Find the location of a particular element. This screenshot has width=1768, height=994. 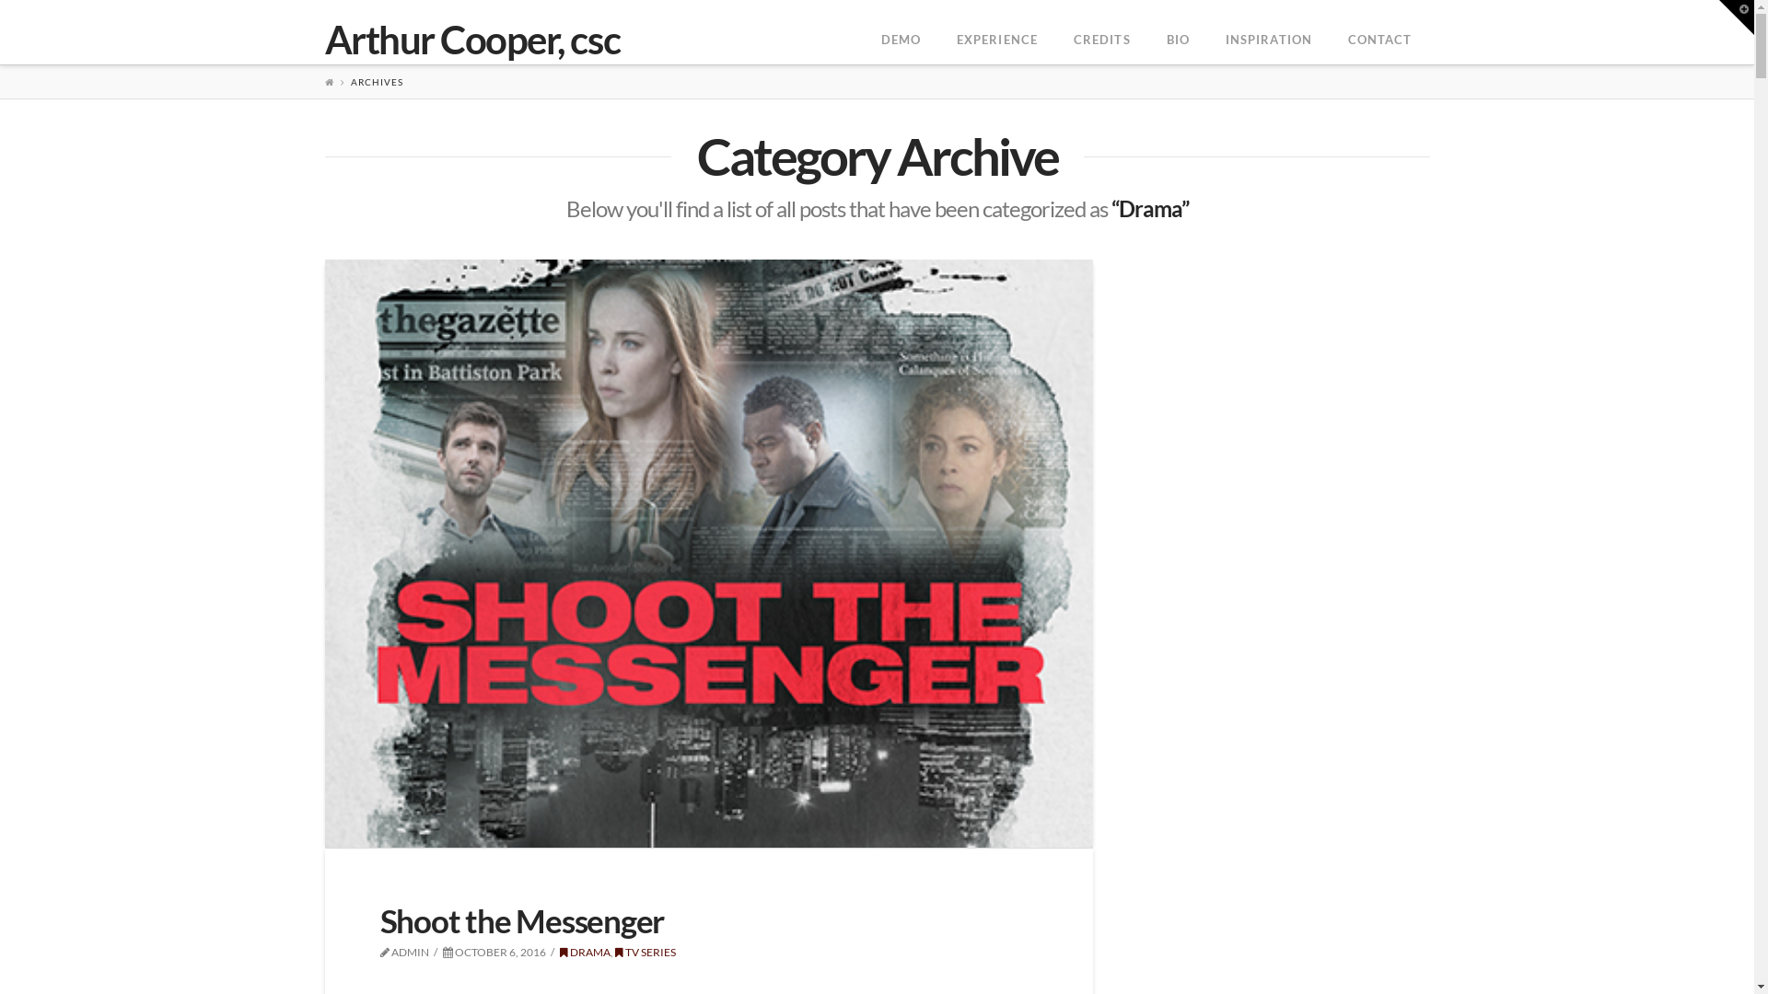

'BIO' is located at coordinates (1176, 31).